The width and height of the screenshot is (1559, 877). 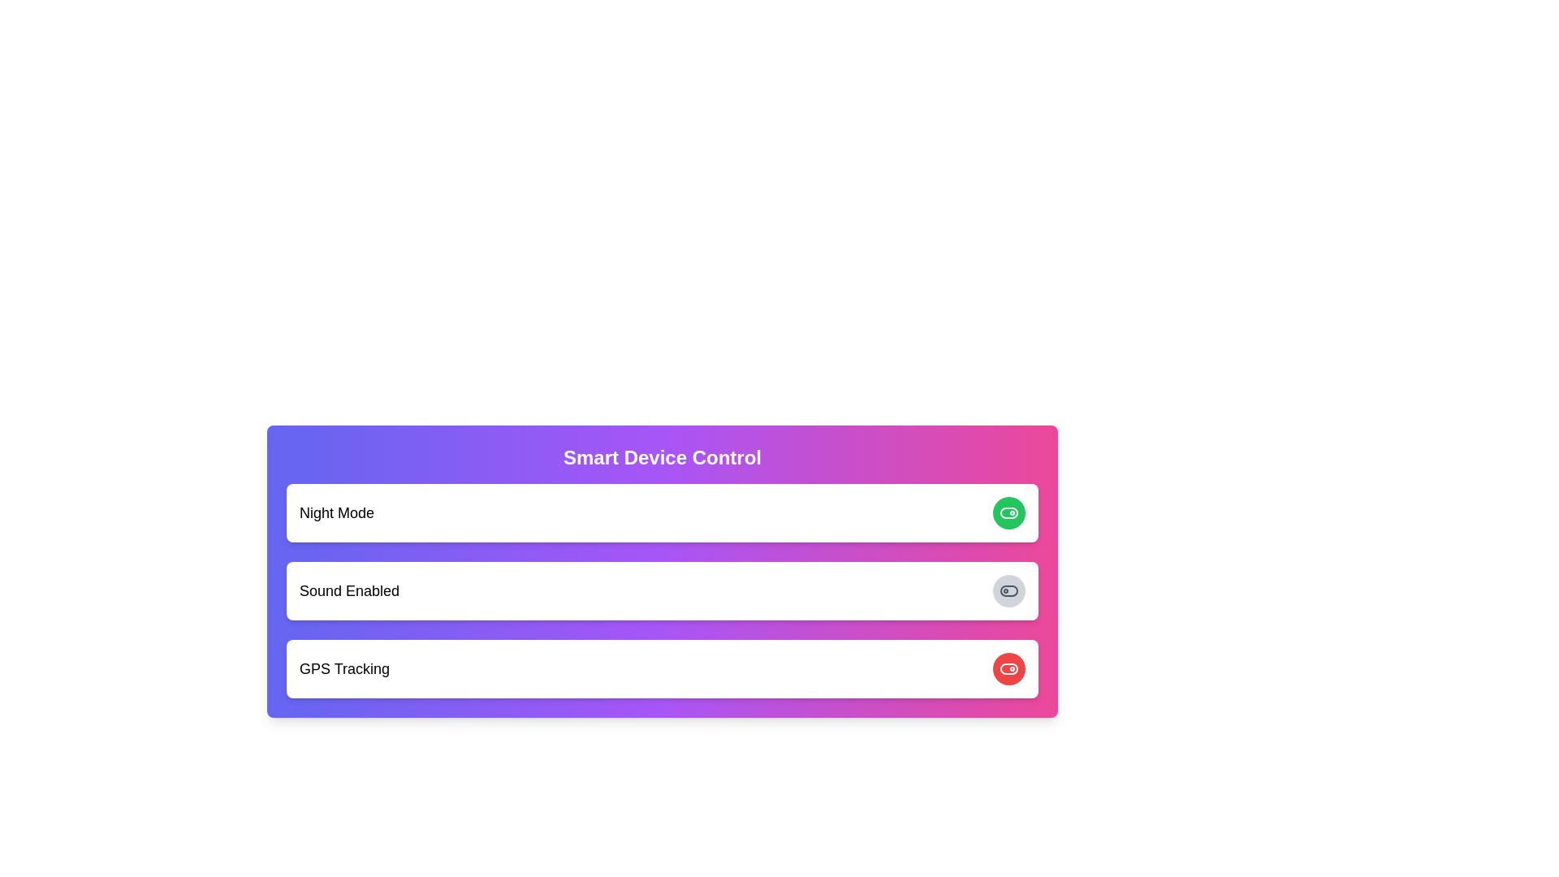 I want to click on the green toggle switch icon for Night Mode located at the topmost row of control options to switch its state, so click(x=1008, y=513).